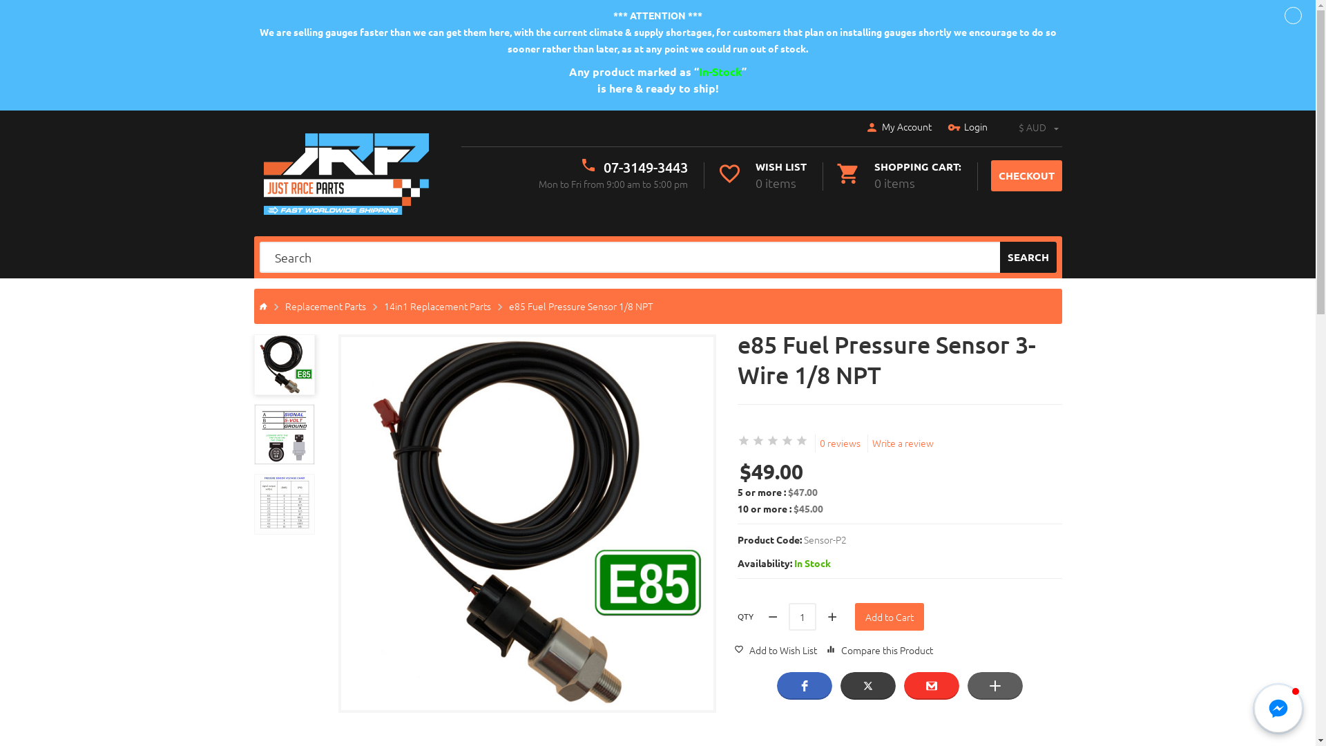  I want to click on 'CHECKOUT', so click(990, 175).